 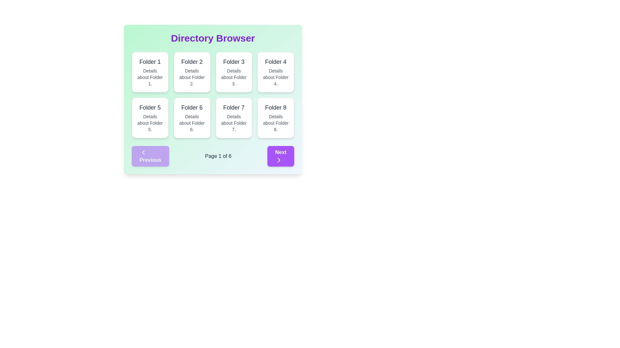 I want to click on the 'Previous' button located at the bottom-left corner of the interface, so click(x=143, y=152).